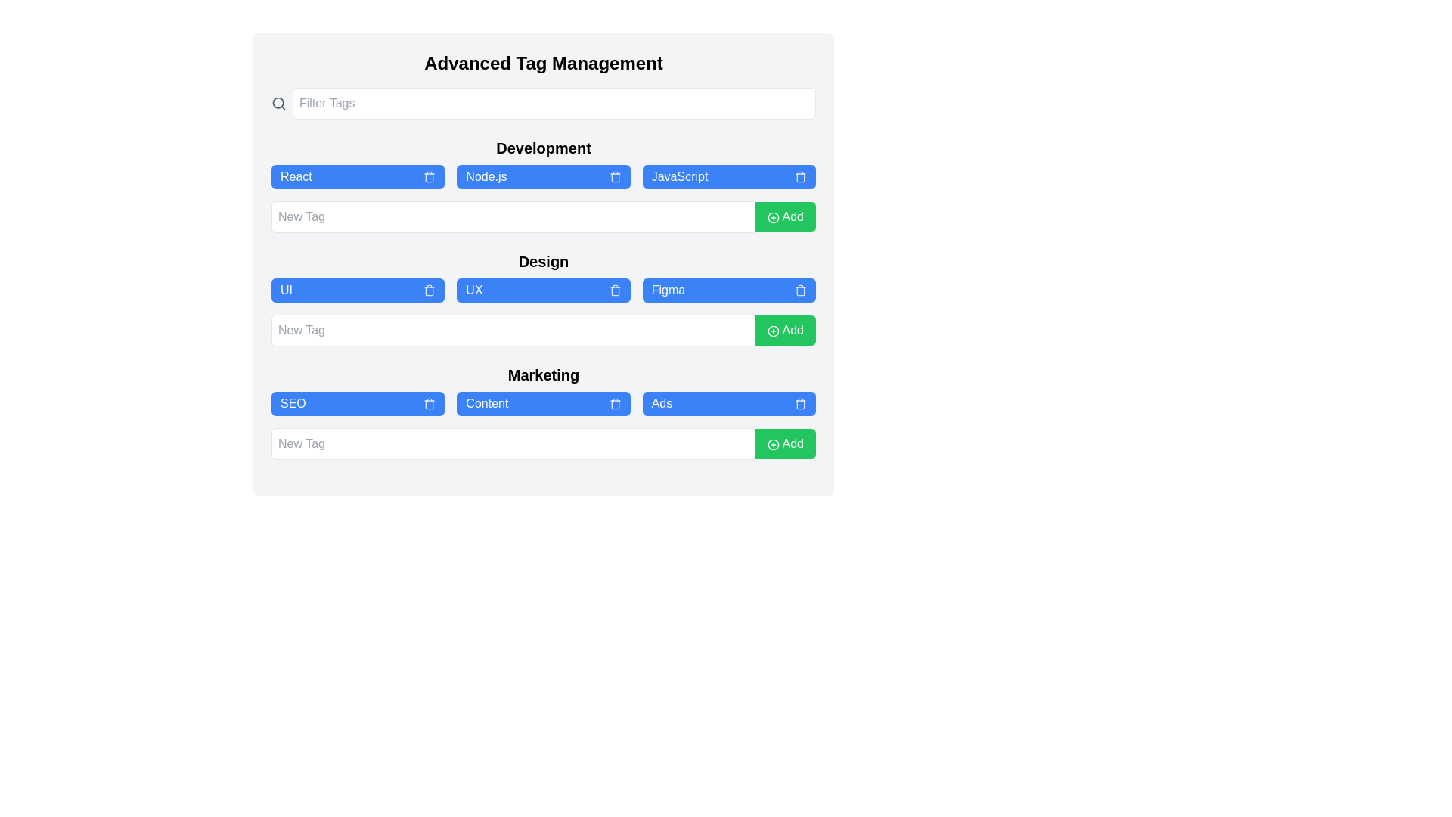 The width and height of the screenshot is (1452, 817). Describe the element at coordinates (615, 402) in the screenshot. I see `the trash icon button located to the right of the 'Content' tag in the 'Marketing' category to change its style` at that location.